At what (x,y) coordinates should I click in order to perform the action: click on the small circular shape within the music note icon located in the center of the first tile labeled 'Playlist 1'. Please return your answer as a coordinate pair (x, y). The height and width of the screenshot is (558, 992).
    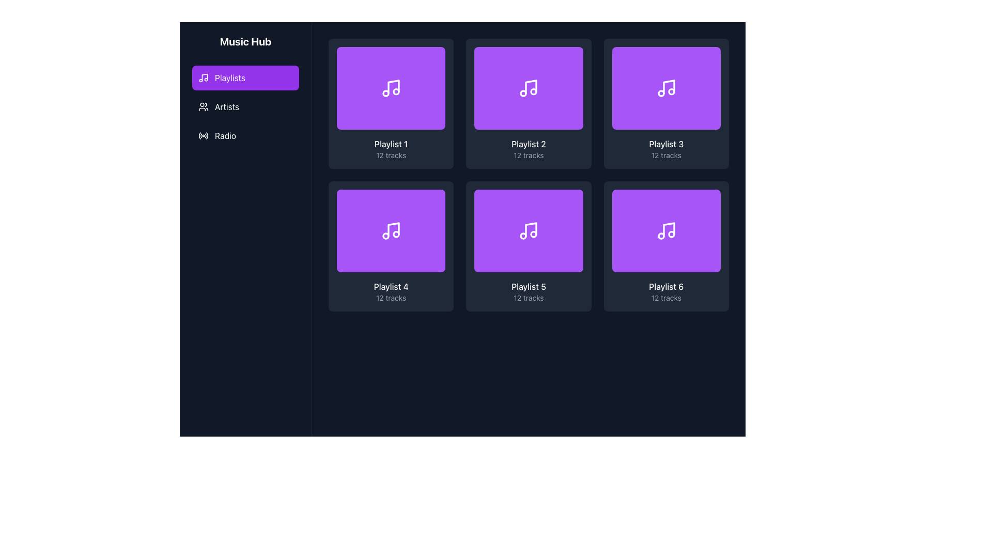
    Looking at the image, I should click on (385, 94).